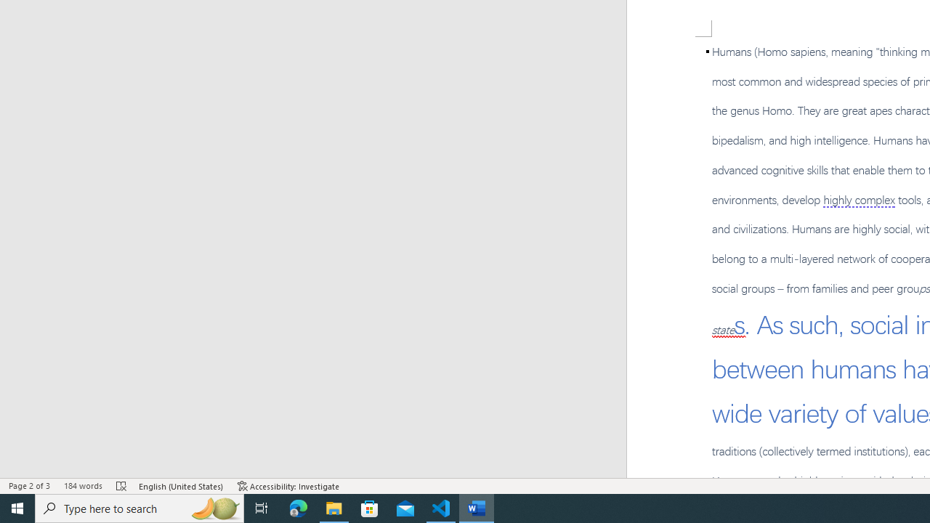 The image size is (930, 523). What do you see at coordinates (214, 507) in the screenshot?
I see `'Search highlights icon opens search home window'` at bounding box center [214, 507].